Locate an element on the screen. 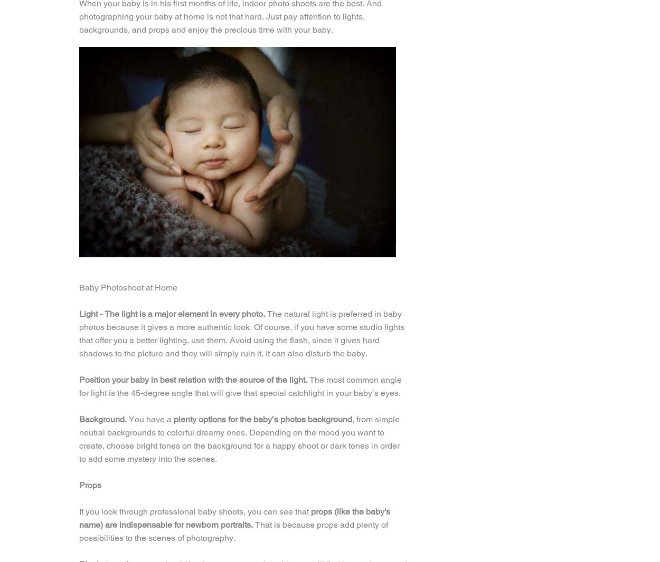 The width and height of the screenshot is (660, 562). 'Position your baby in best relation with the source of the ligh' is located at coordinates (191, 379).